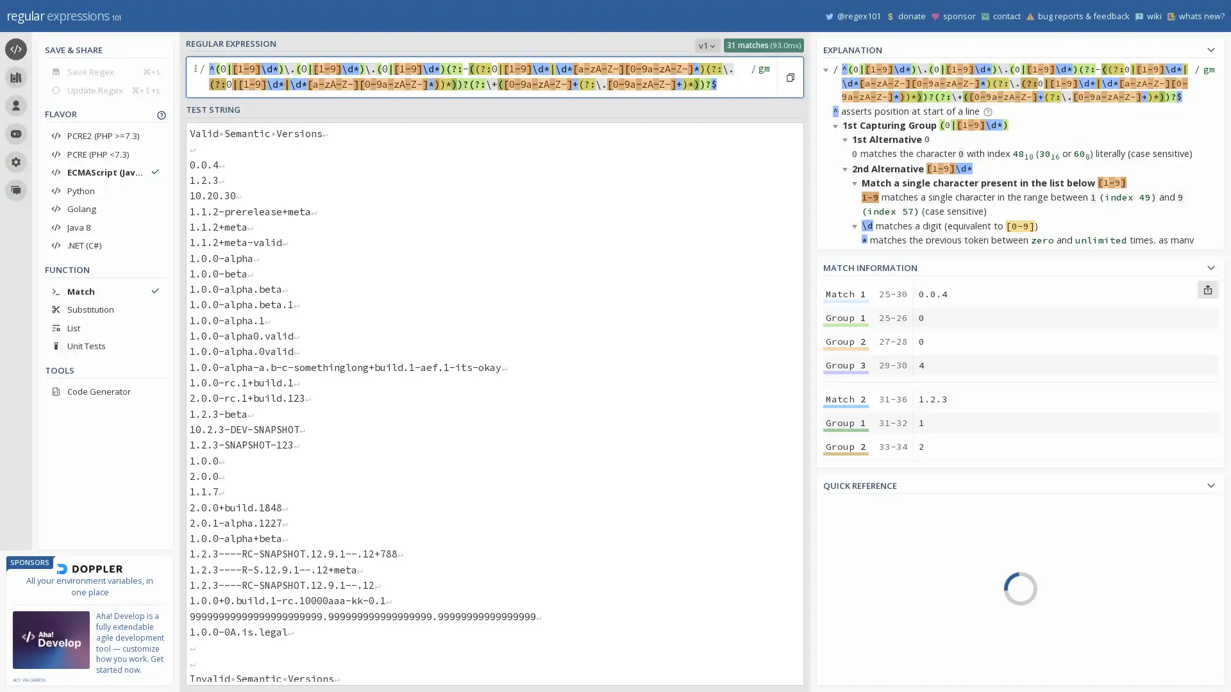 The image size is (1231, 692). What do you see at coordinates (105, 291) in the screenshot?
I see `Match` at bounding box center [105, 291].